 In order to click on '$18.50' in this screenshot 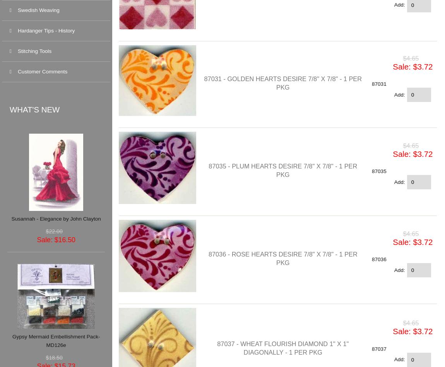, I will do `click(53, 357)`.